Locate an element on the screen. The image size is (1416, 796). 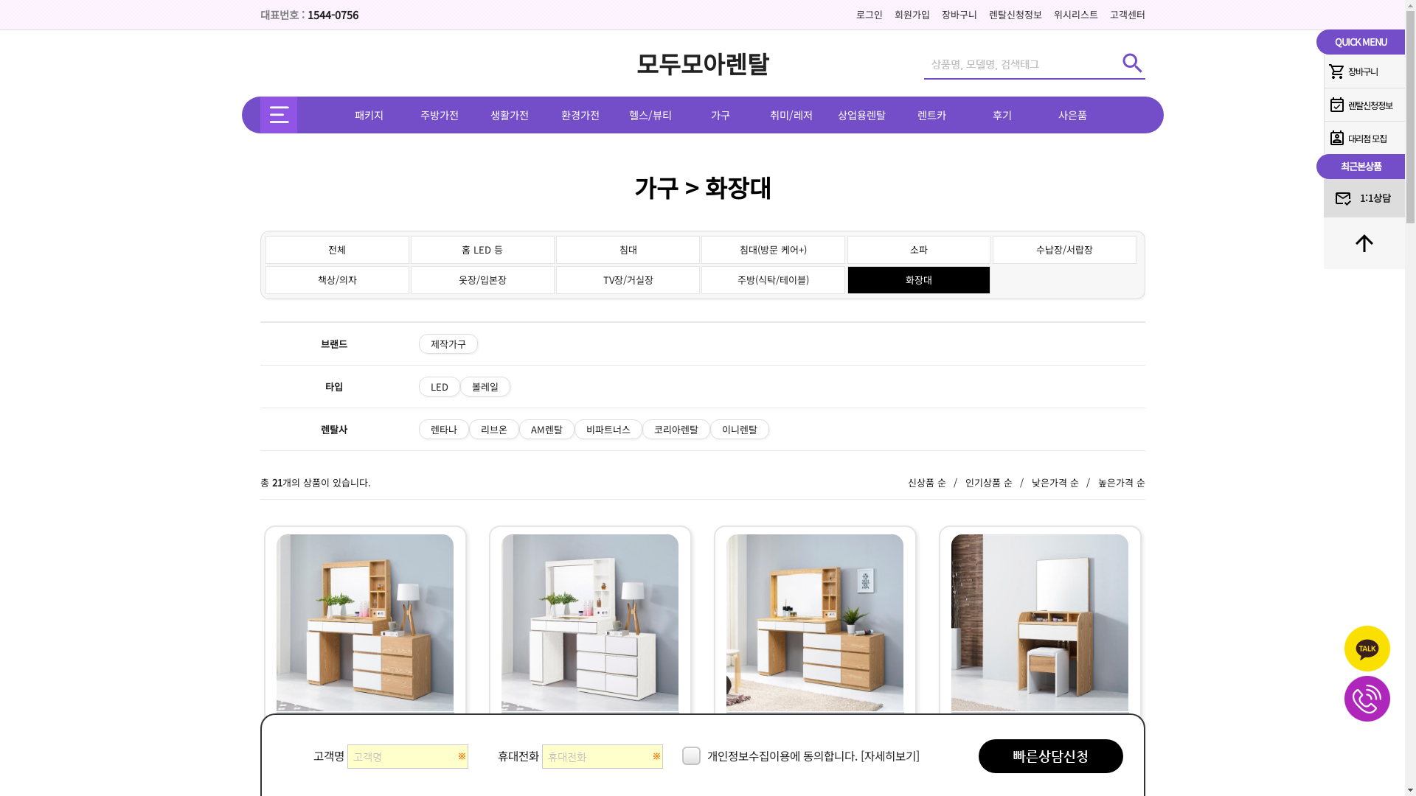
'LED' is located at coordinates (438, 385).